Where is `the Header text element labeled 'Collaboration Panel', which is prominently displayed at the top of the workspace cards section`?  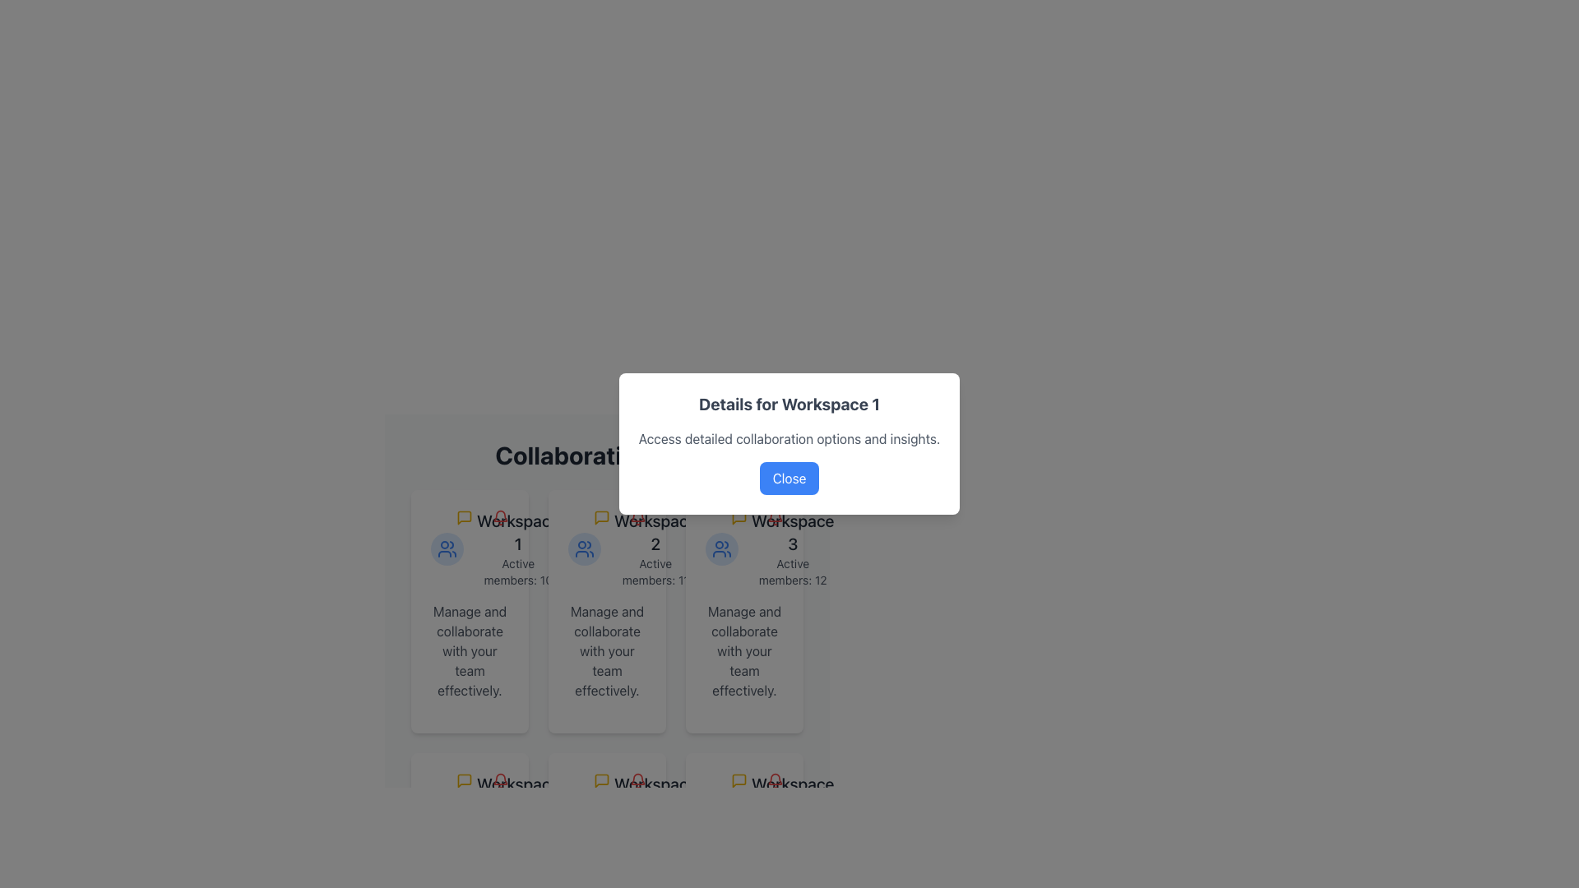 the Header text element labeled 'Collaboration Panel', which is prominently displayed at the top of the workspace cards section is located at coordinates (606, 456).